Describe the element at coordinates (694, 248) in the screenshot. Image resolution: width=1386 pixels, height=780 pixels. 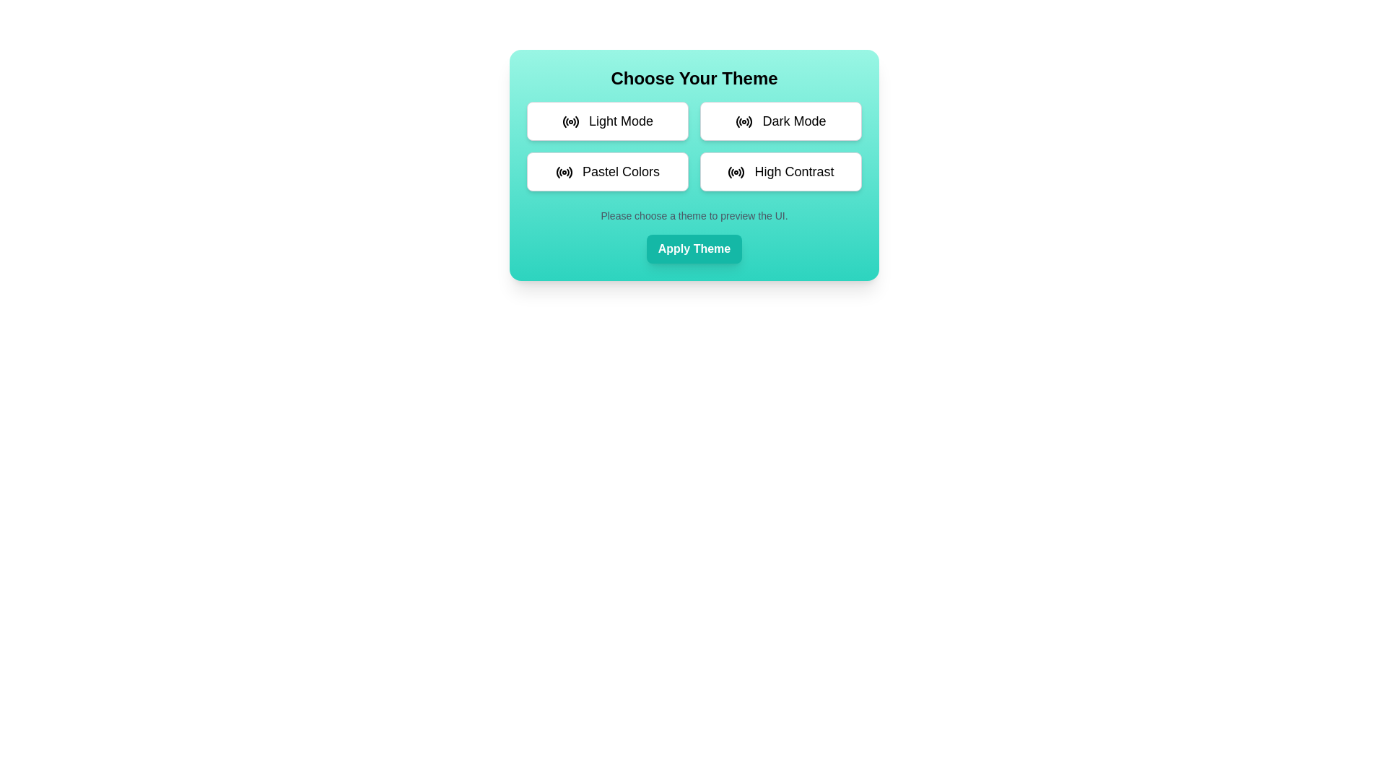
I see `the teal 'Apply Theme' button with rounded corners and white bold text to apply the selected theme` at that location.